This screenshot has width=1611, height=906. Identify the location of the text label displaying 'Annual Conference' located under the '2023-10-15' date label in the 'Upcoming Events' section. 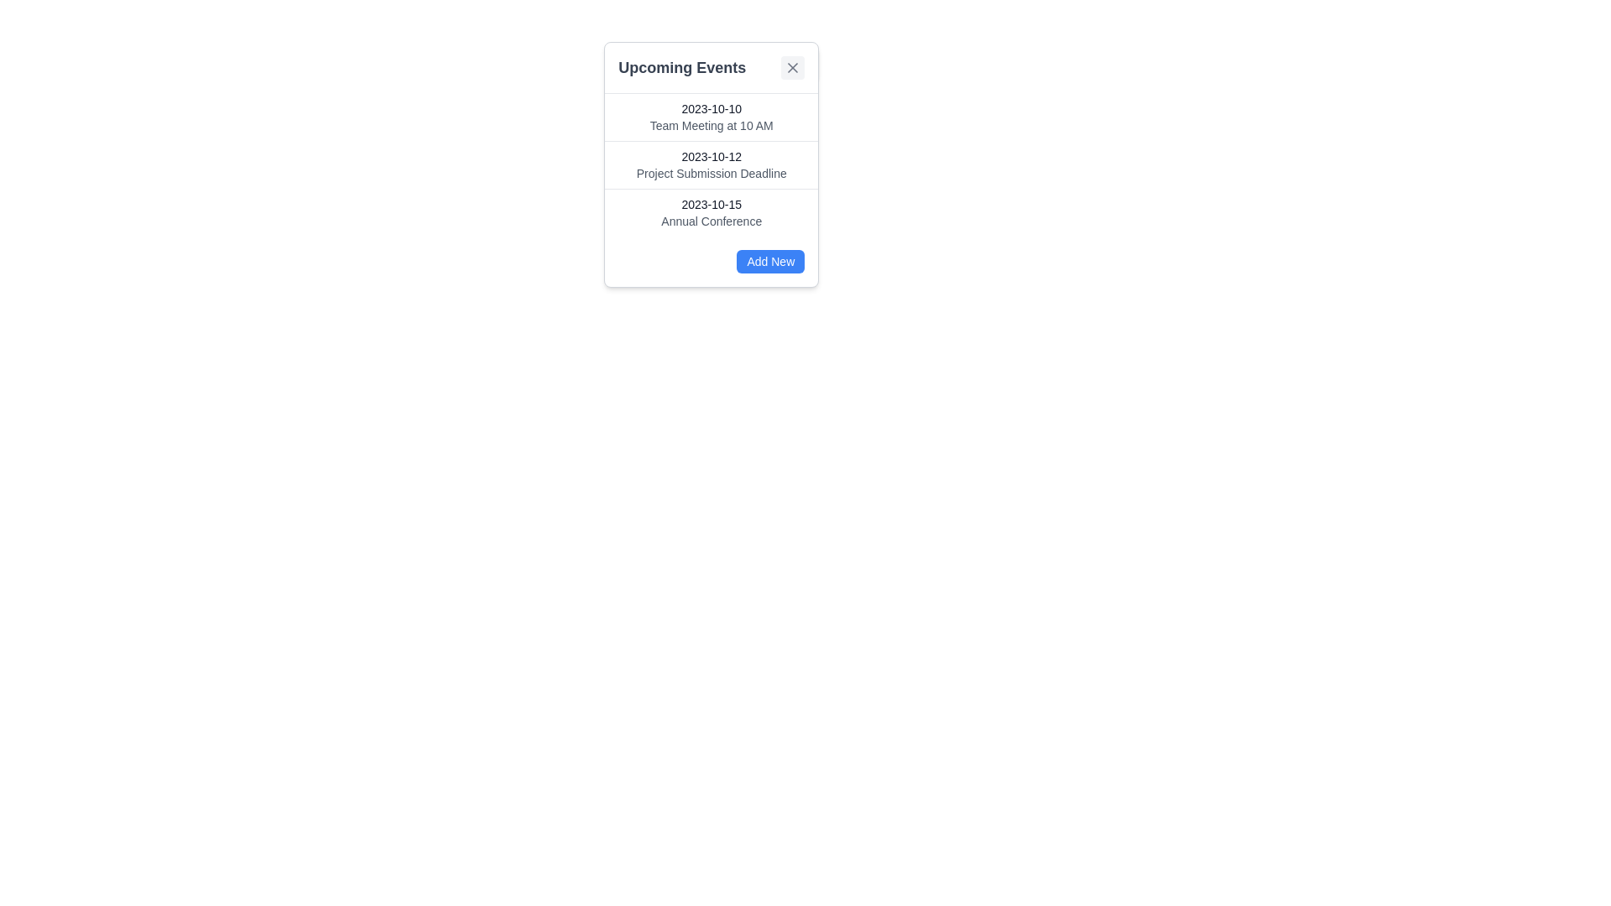
(712, 220).